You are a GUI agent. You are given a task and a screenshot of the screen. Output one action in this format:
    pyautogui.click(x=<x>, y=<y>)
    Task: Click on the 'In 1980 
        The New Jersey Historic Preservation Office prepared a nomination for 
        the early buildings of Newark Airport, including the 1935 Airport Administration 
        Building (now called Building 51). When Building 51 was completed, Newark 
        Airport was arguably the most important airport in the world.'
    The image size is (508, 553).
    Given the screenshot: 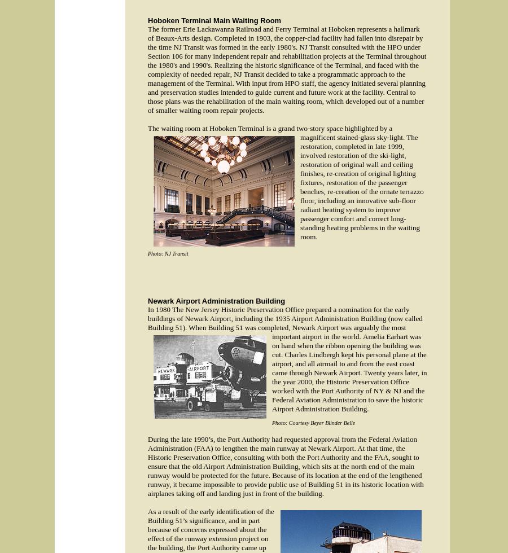 What is the action you would take?
    pyautogui.click(x=284, y=323)
    